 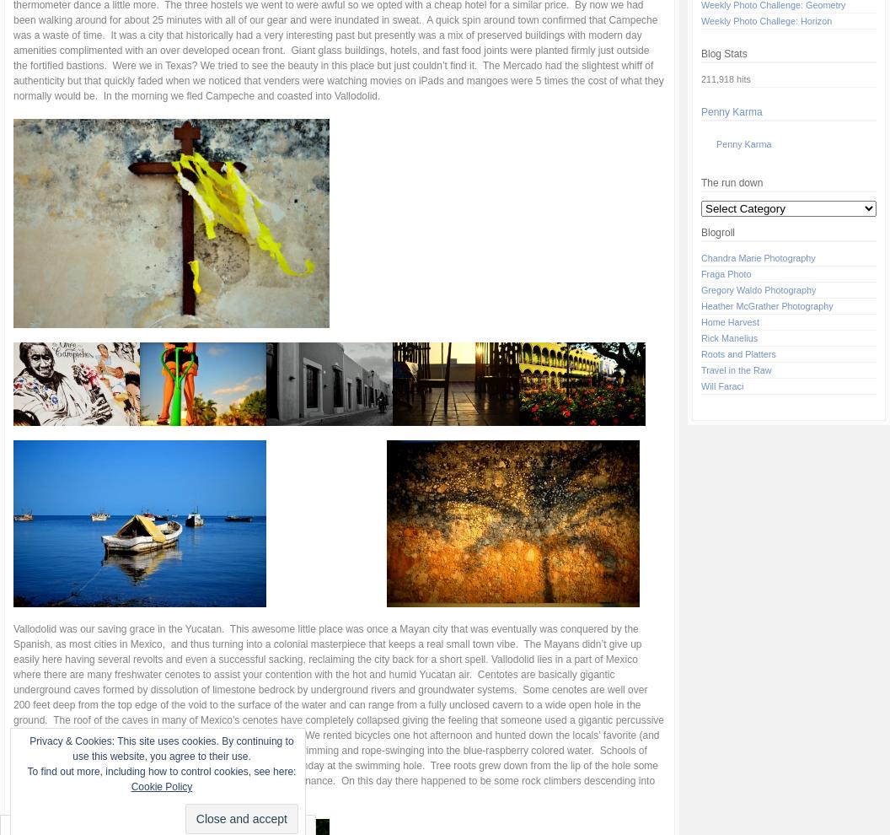 I want to click on 'Rick Manelius', so click(x=728, y=337).